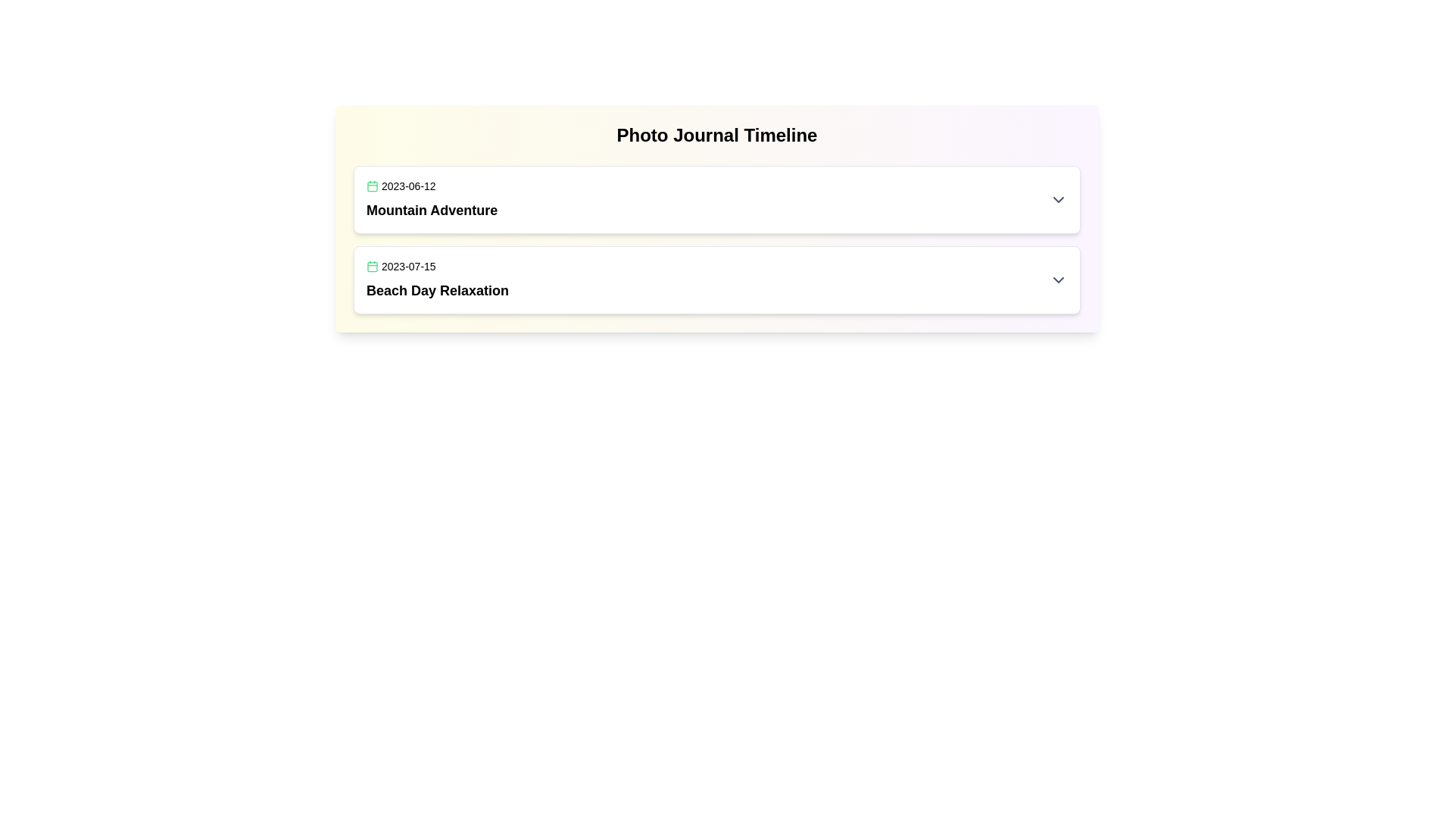  Describe the element at coordinates (1057, 280) in the screenshot. I see `the downward arrow icon (Dropdown indicator) on the right side of the item labeled '2023-07-15 Beach Day Relaxation'` at that location.